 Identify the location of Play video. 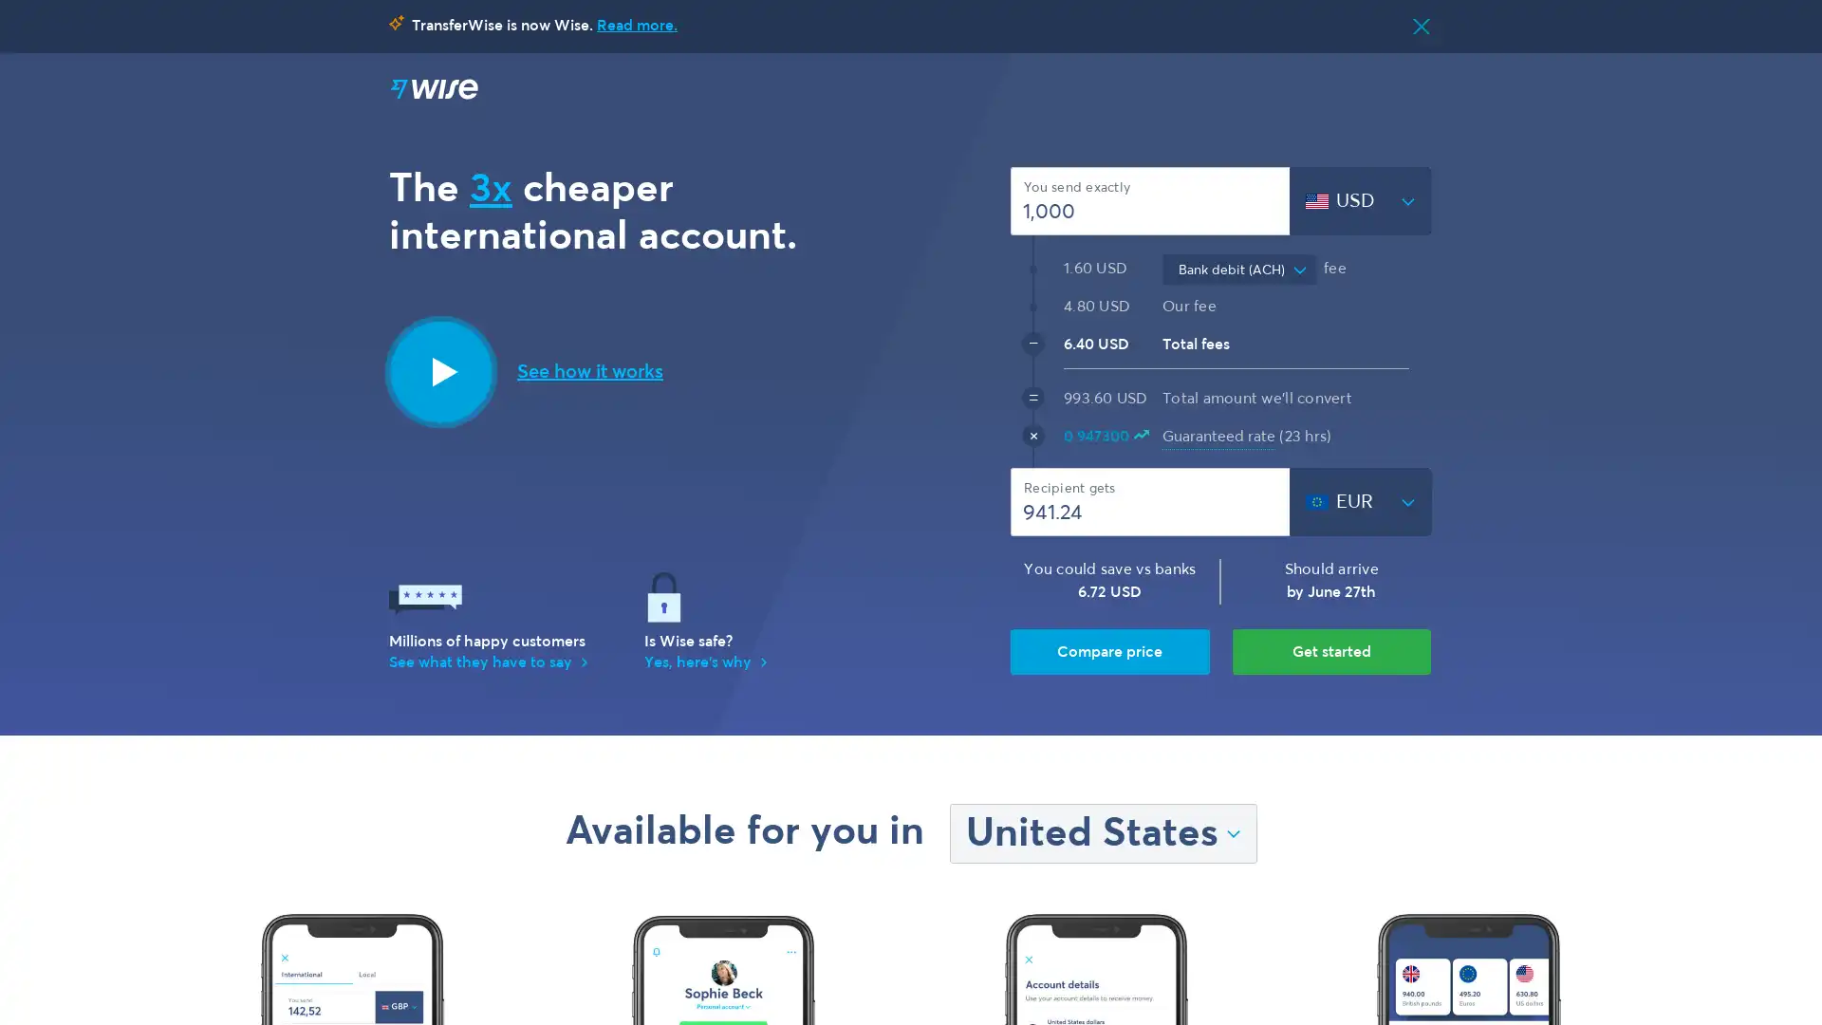
(589, 370).